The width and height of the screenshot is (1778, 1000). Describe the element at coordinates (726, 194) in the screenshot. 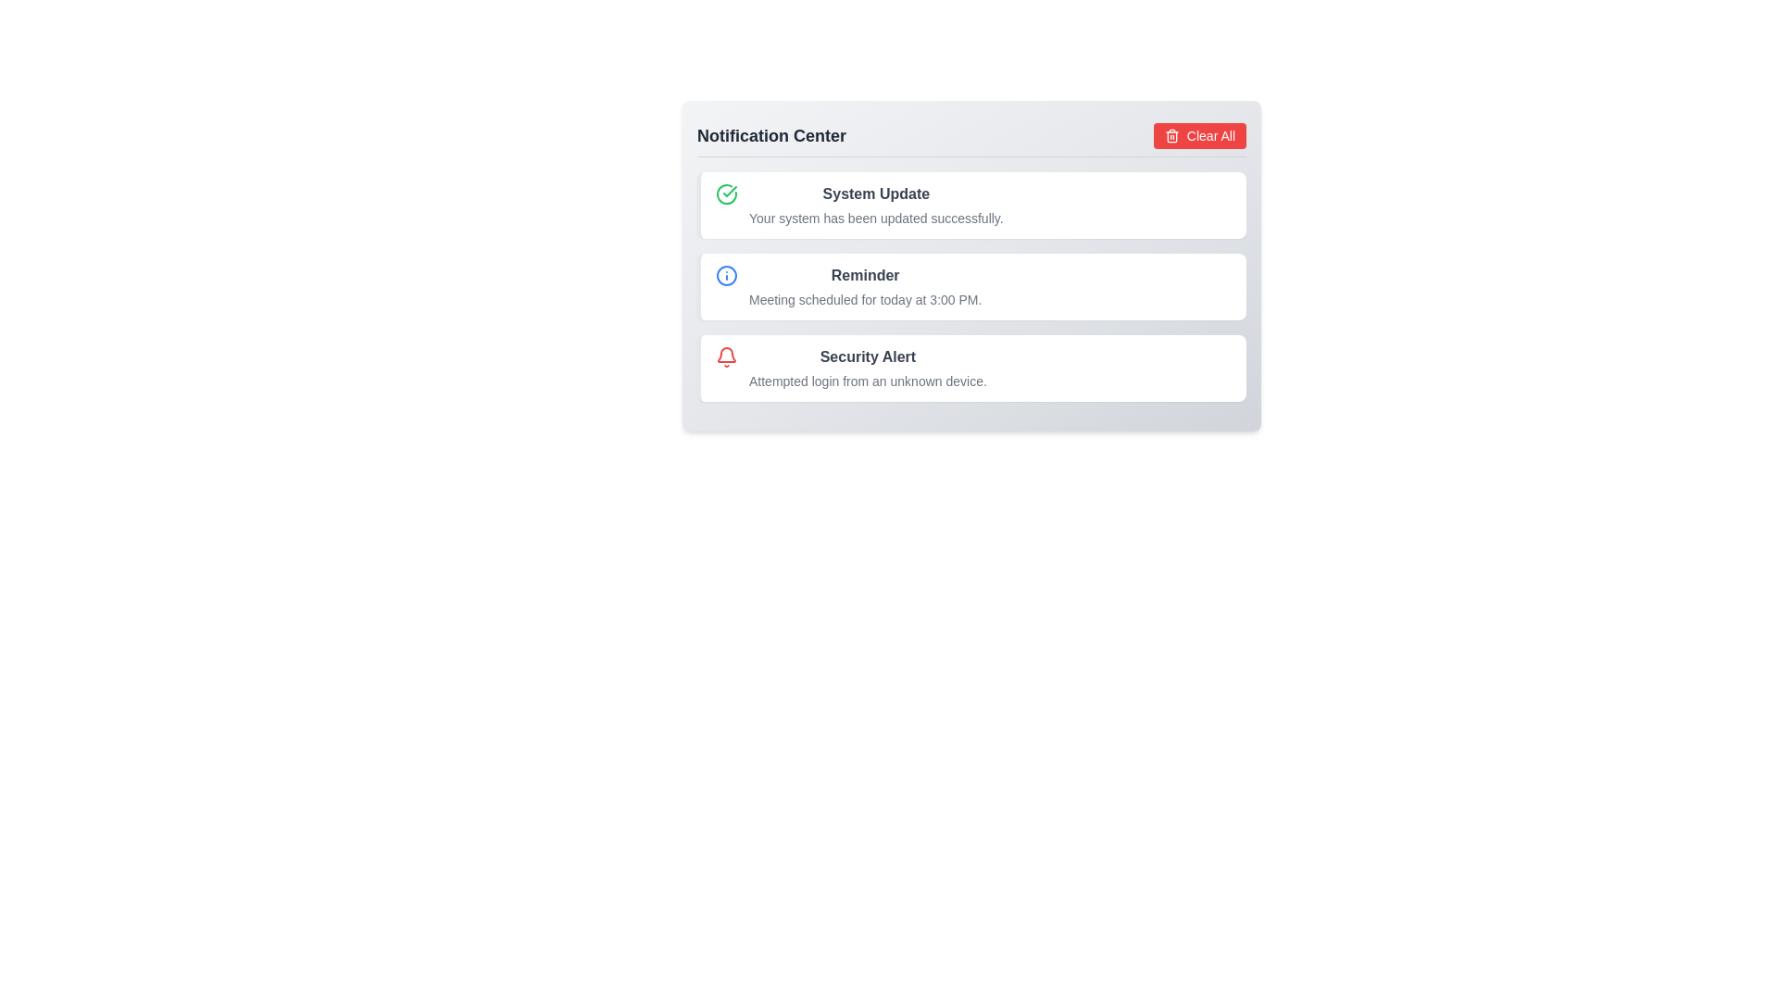

I see `the circular icon with a green border and checkmark next to the 'System Update' text in the notification panel` at that location.